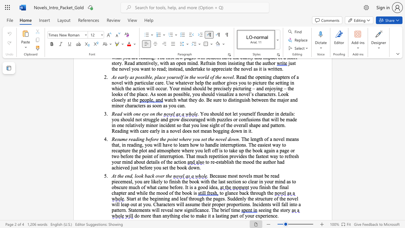 This screenshot has width=405, height=228. I want to click on the subset text "o glance back throu" within the text "to glance back through the", so click(221, 193).